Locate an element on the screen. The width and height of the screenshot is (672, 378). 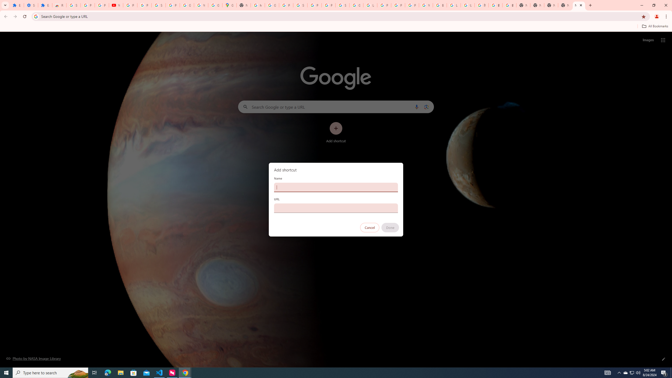
'Cancel' is located at coordinates (370, 227).